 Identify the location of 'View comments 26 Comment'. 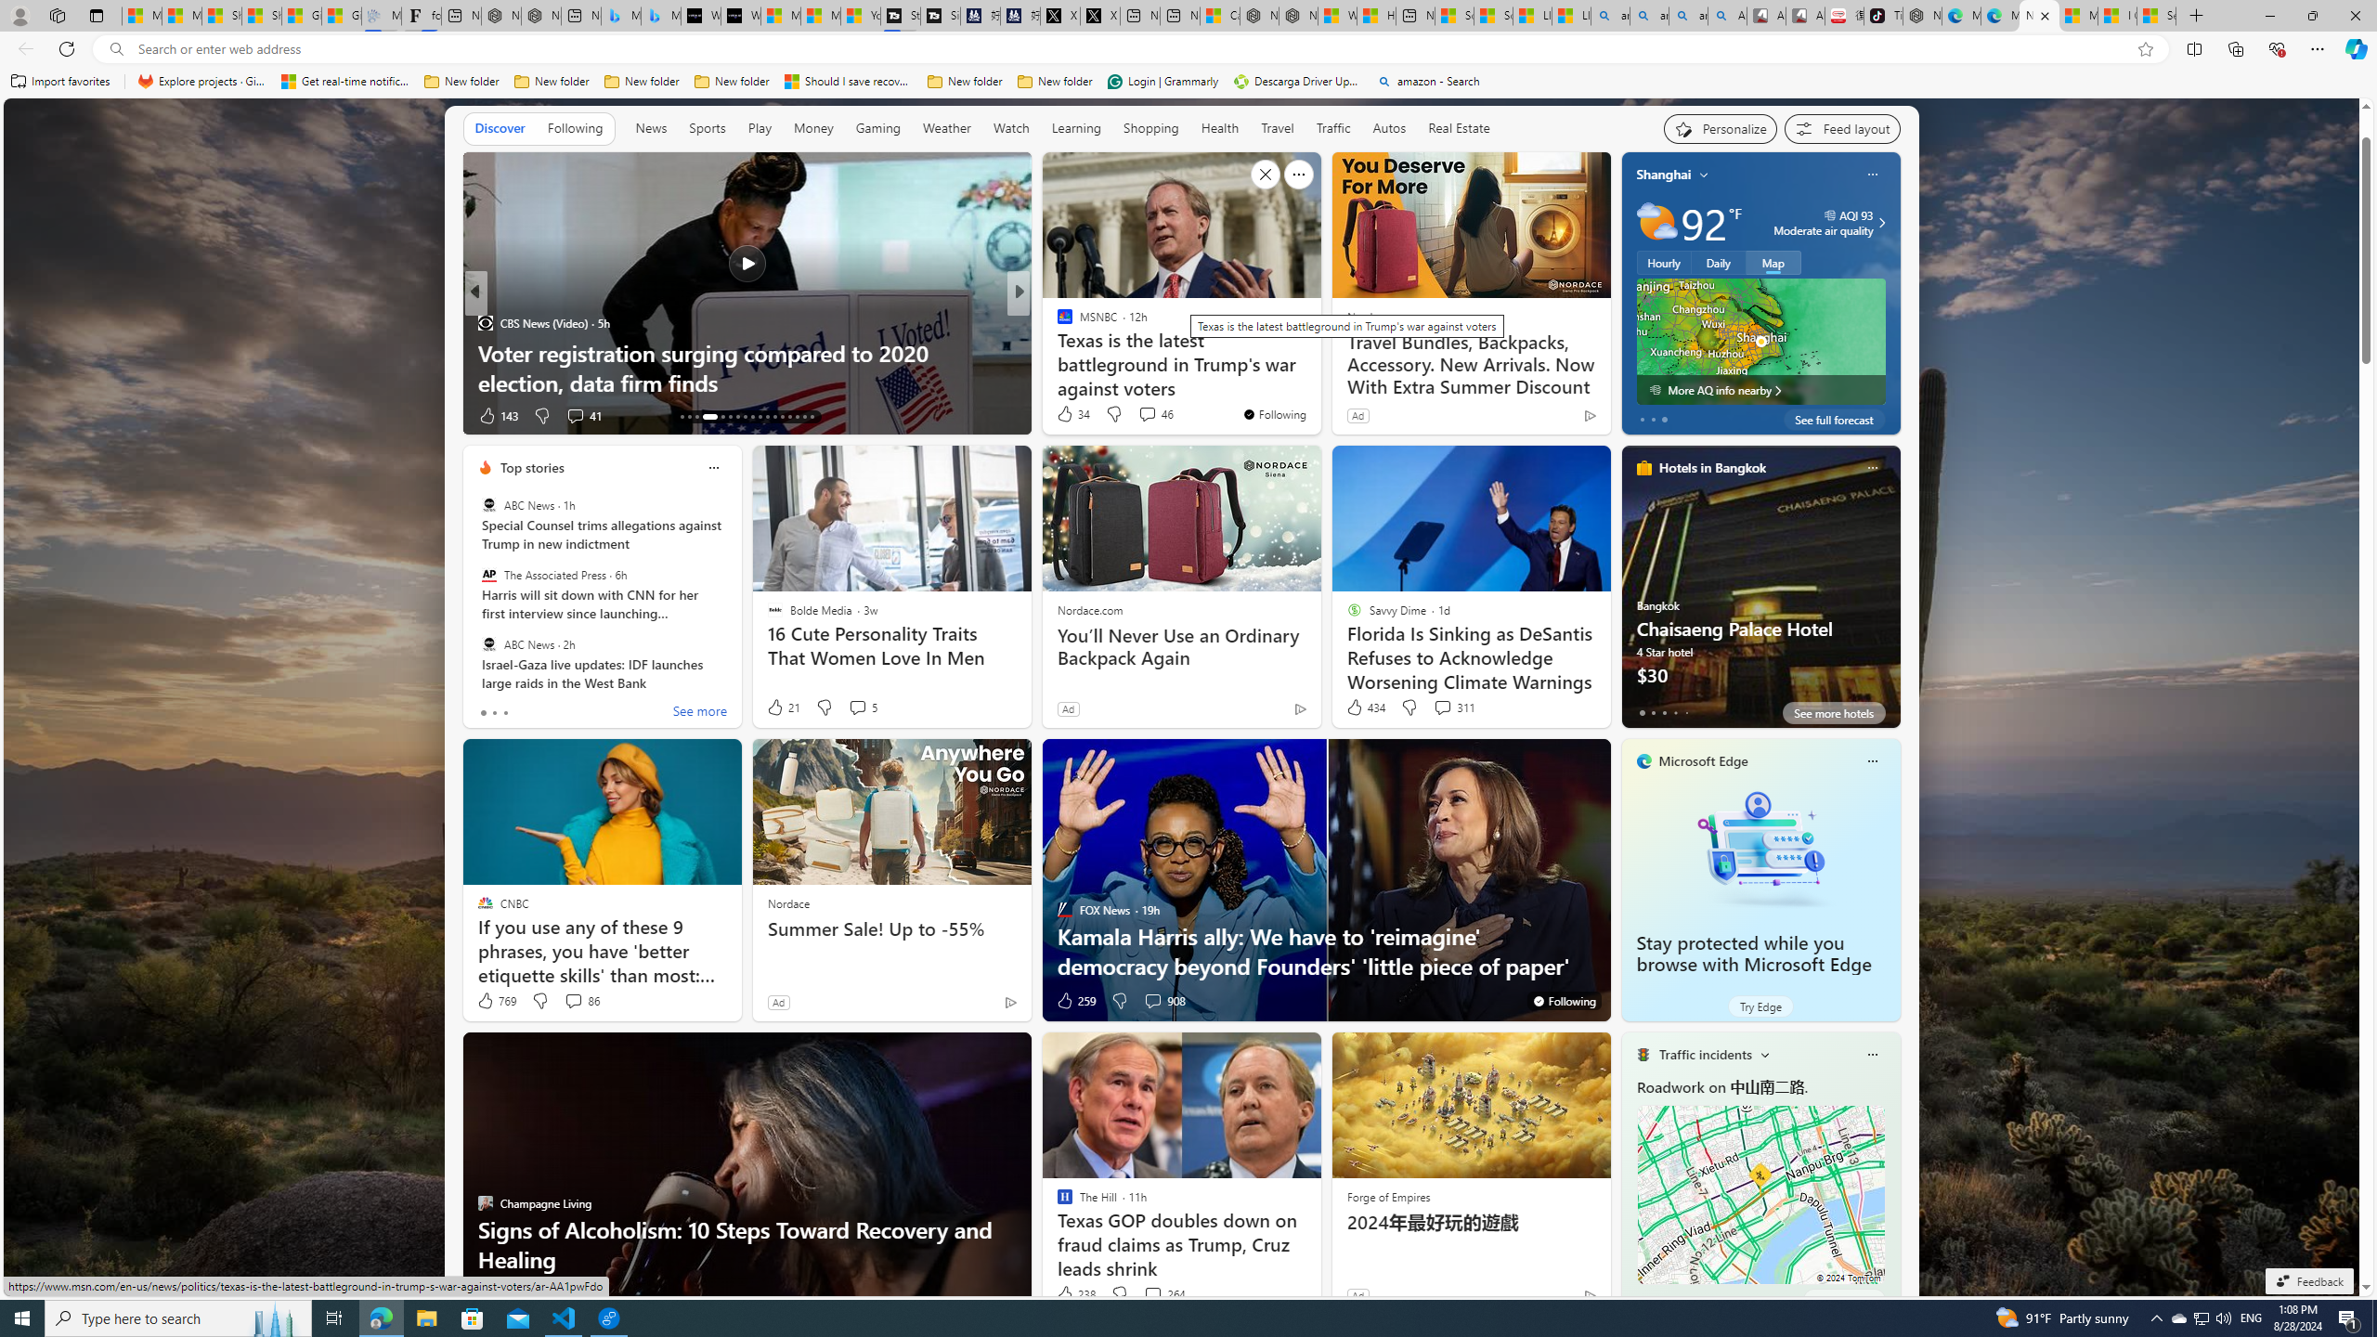
(1139, 415).